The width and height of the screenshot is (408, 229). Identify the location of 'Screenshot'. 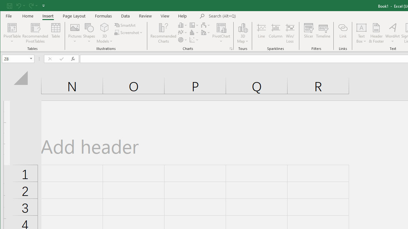
(129, 32).